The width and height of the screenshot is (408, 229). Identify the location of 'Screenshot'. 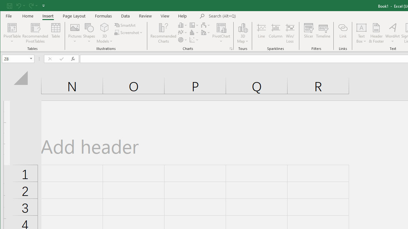
(129, 32).